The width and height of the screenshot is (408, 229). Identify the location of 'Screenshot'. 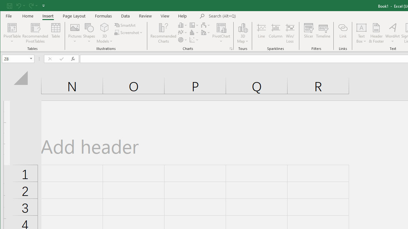
(129, 32).